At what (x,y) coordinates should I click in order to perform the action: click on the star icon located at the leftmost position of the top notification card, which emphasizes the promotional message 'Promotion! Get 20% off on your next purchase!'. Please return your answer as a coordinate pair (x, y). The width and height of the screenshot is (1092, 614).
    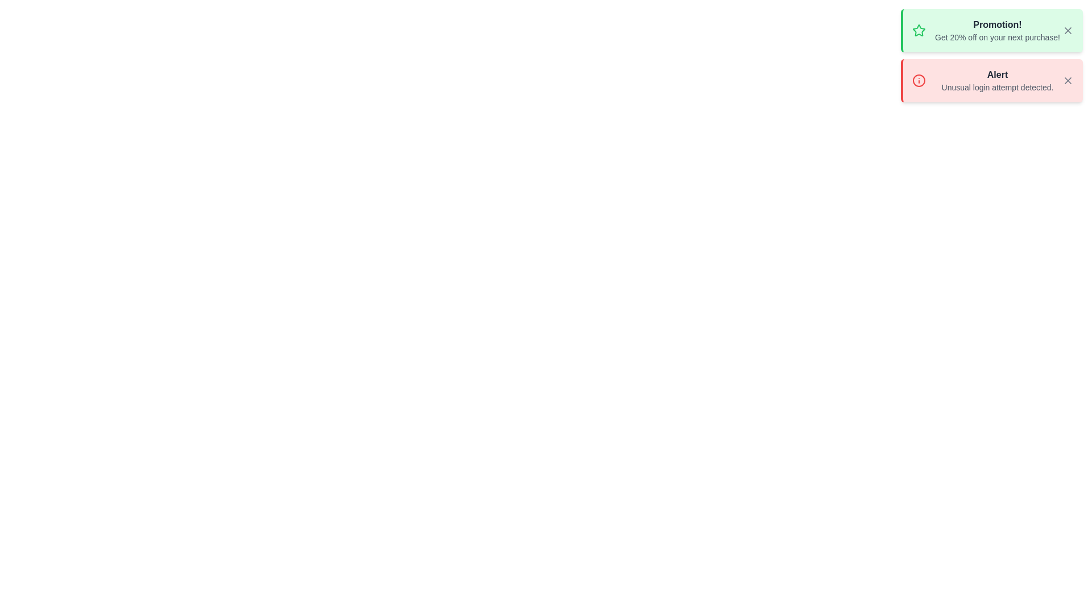
    Looking at the image, I should click on (919, 30).